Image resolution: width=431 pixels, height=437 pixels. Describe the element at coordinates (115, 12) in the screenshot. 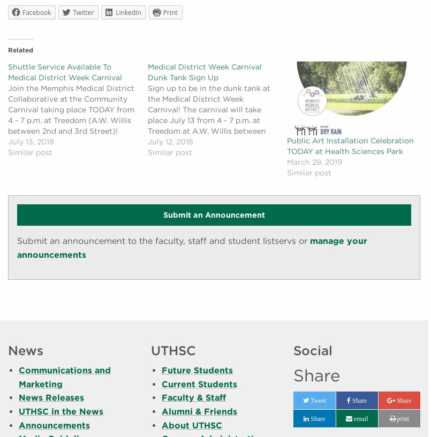

I see `'LinkedIn'` at that location.